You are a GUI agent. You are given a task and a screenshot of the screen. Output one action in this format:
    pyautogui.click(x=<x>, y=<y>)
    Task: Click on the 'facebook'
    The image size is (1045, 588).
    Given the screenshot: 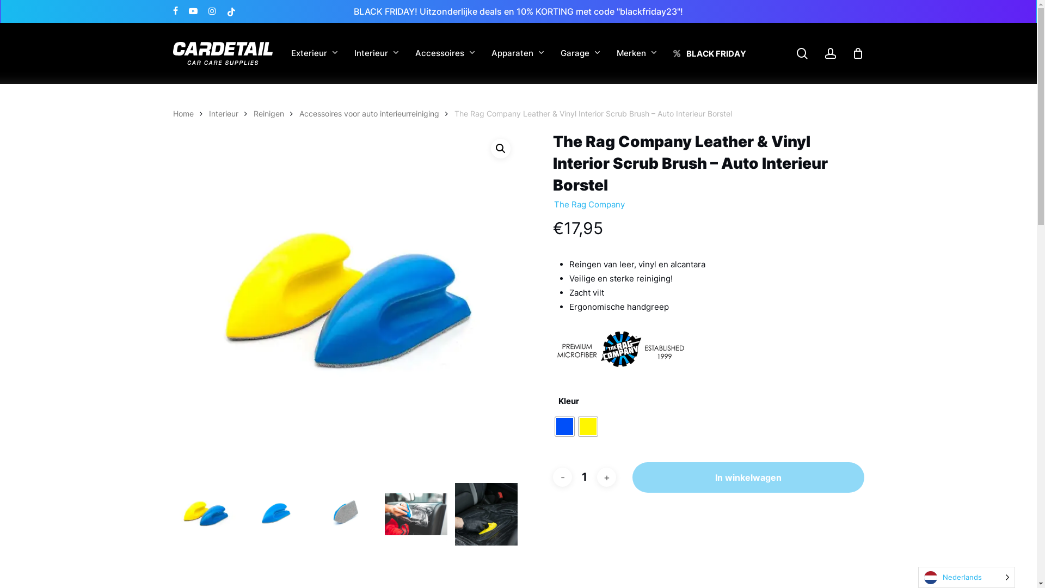 What is the action you would take?
    pyautogui.click(x=175, y=11)
    